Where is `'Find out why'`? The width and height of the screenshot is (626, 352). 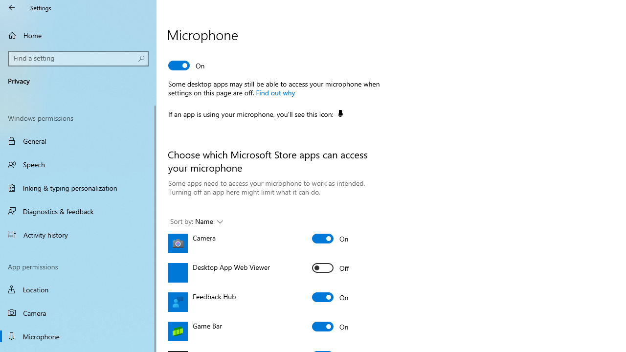 'Find out why' is located at coordinates (274, 92).